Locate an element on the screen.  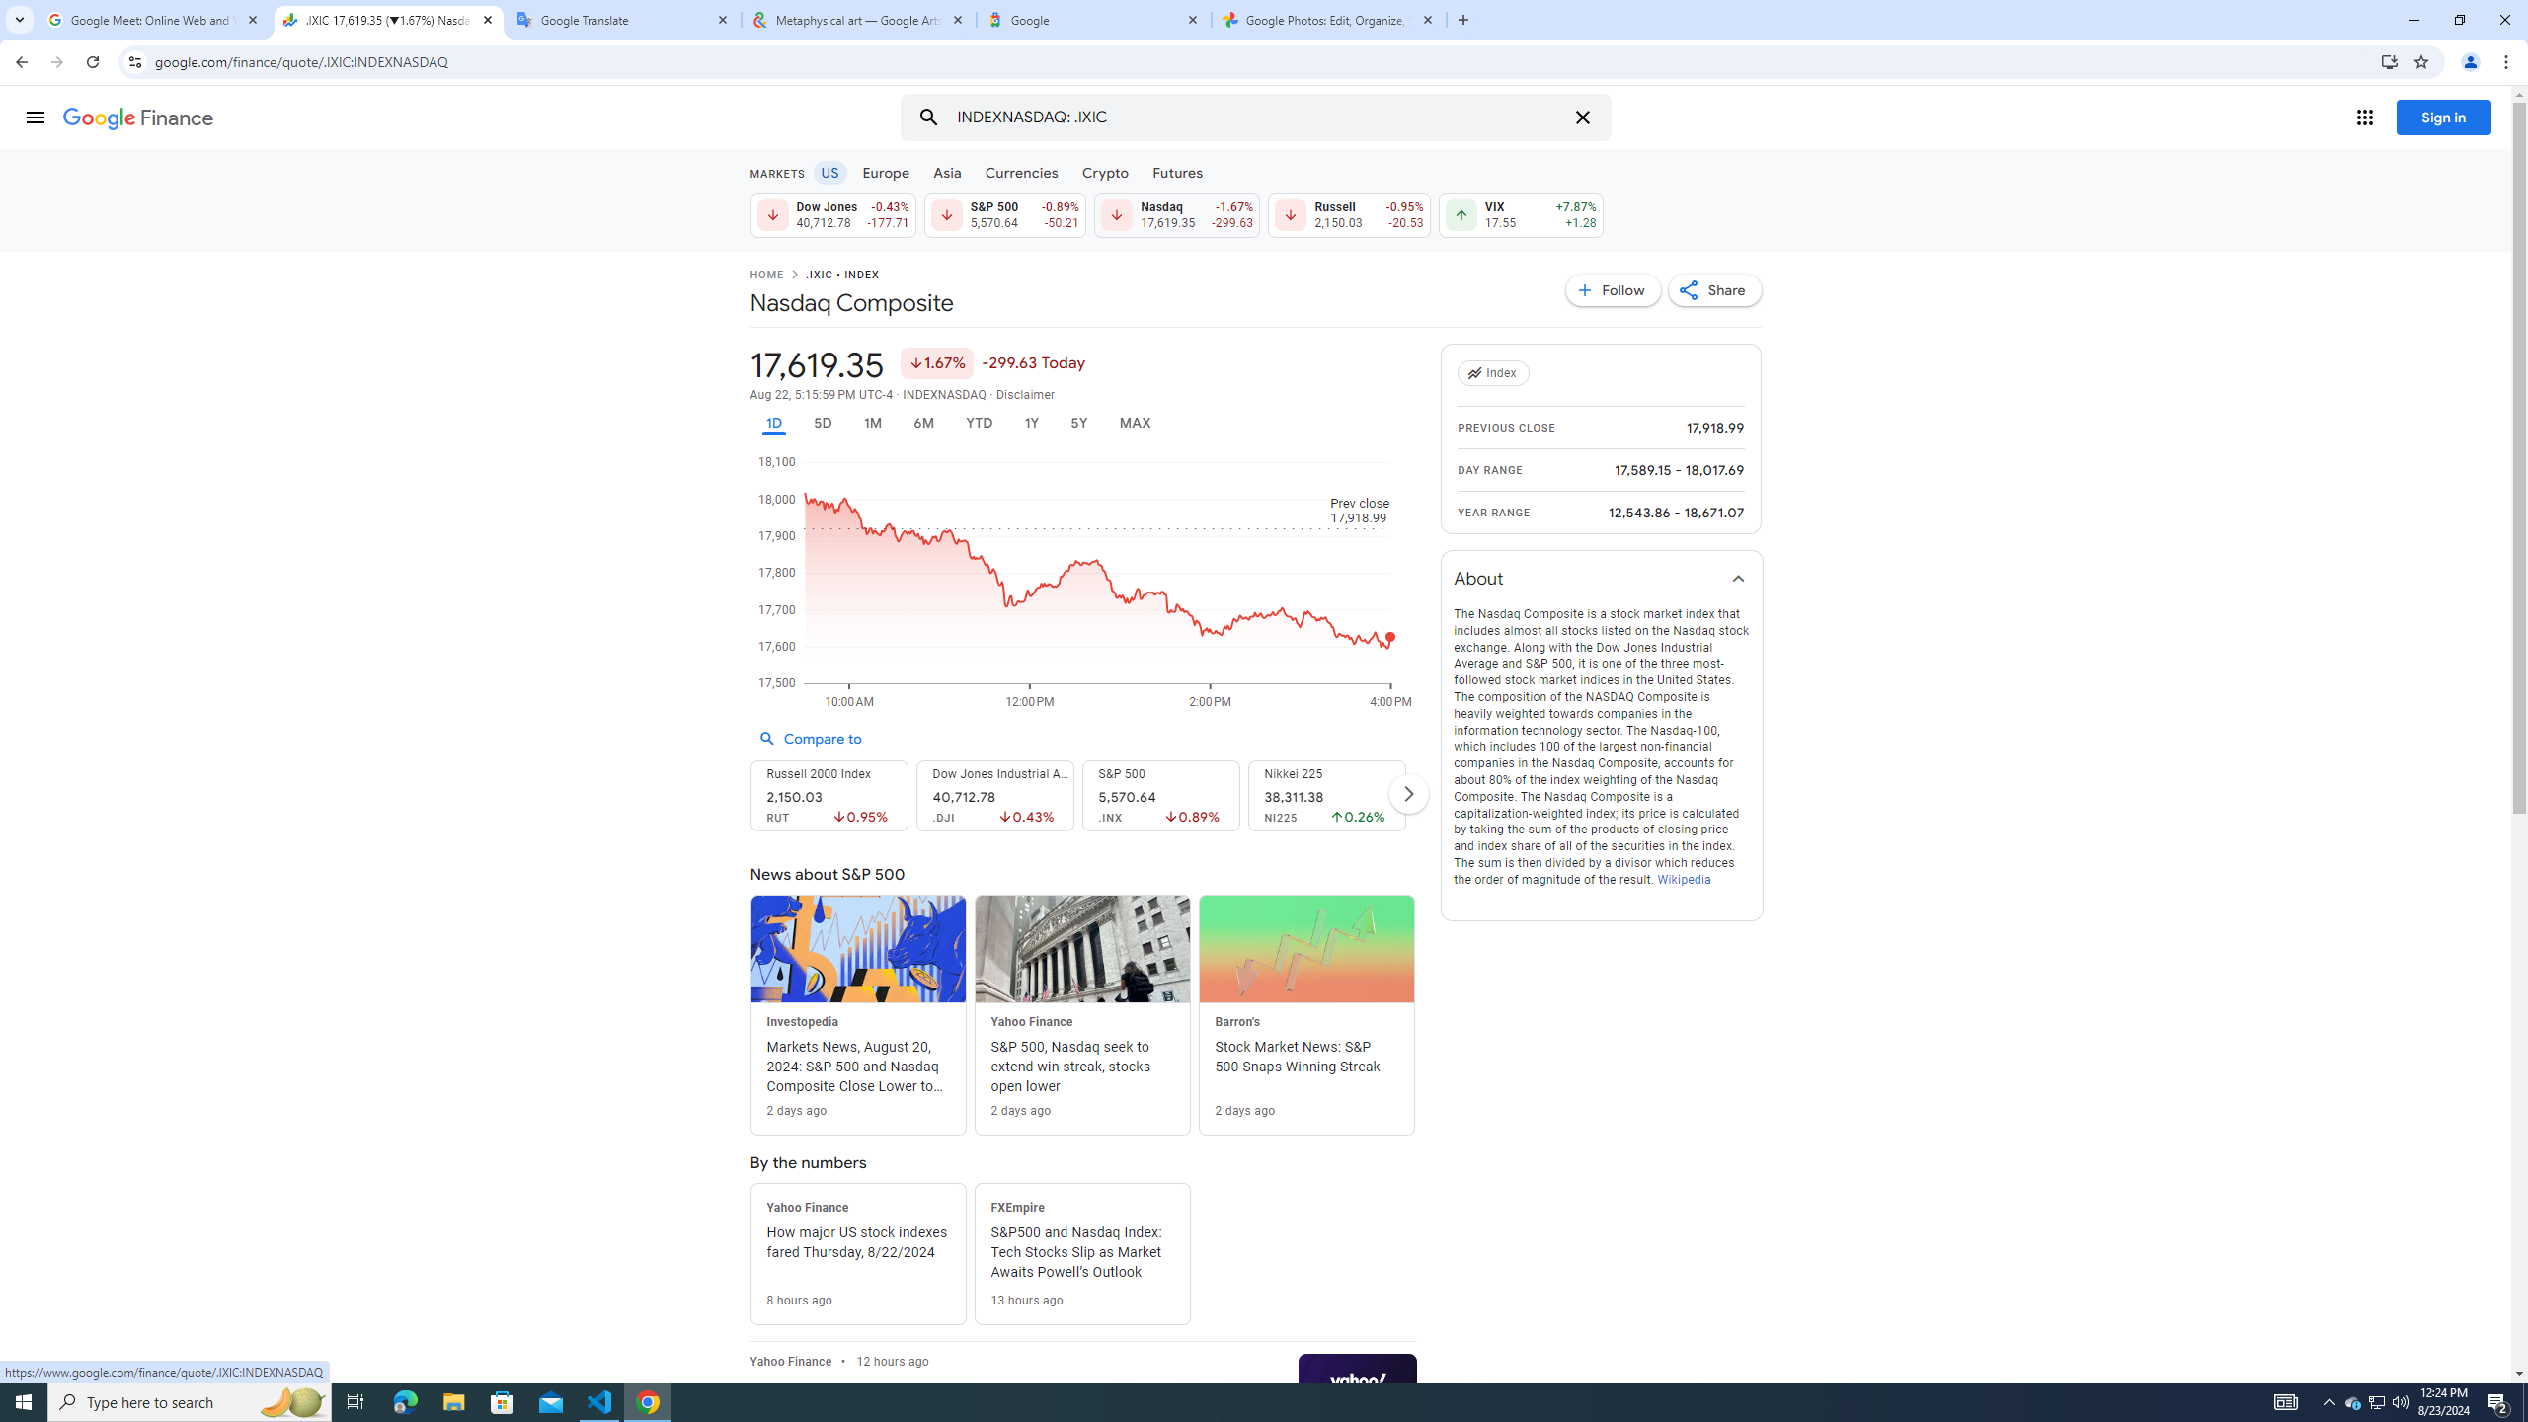
'MAX' is located at coordinates (1135, 423).